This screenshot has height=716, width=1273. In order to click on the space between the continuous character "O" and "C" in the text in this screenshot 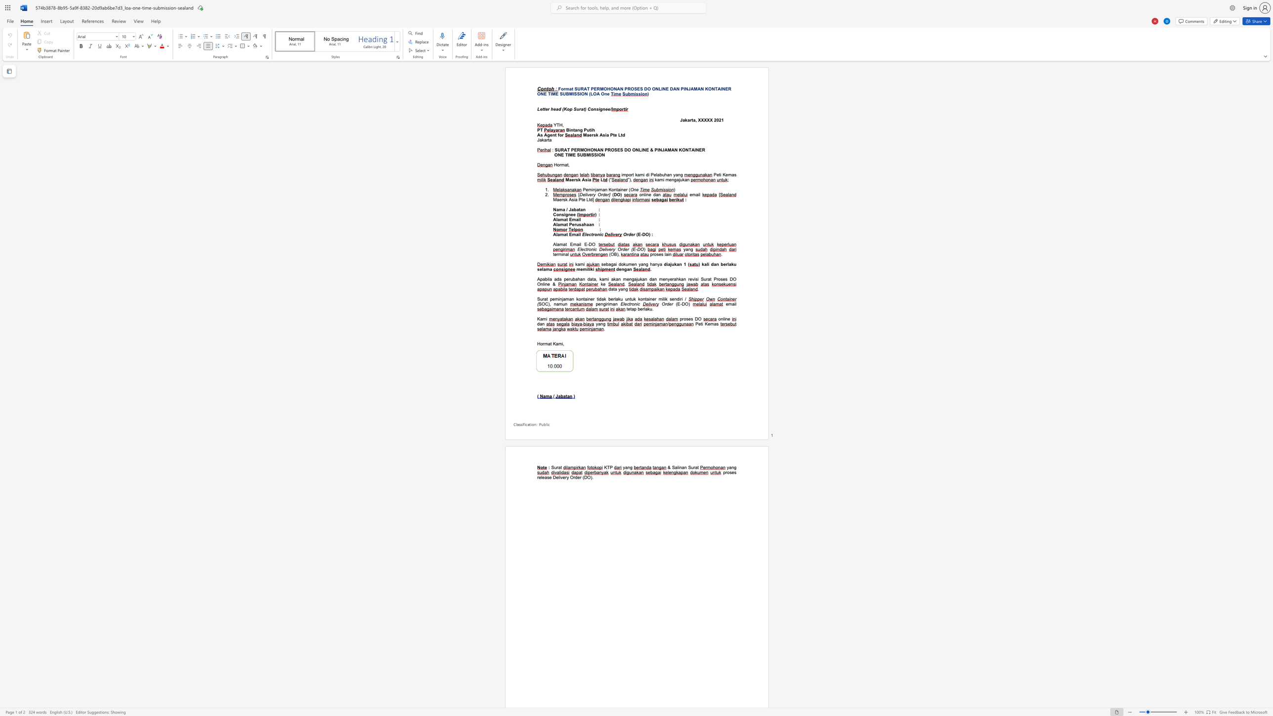, I will do `click(545, 303)`.